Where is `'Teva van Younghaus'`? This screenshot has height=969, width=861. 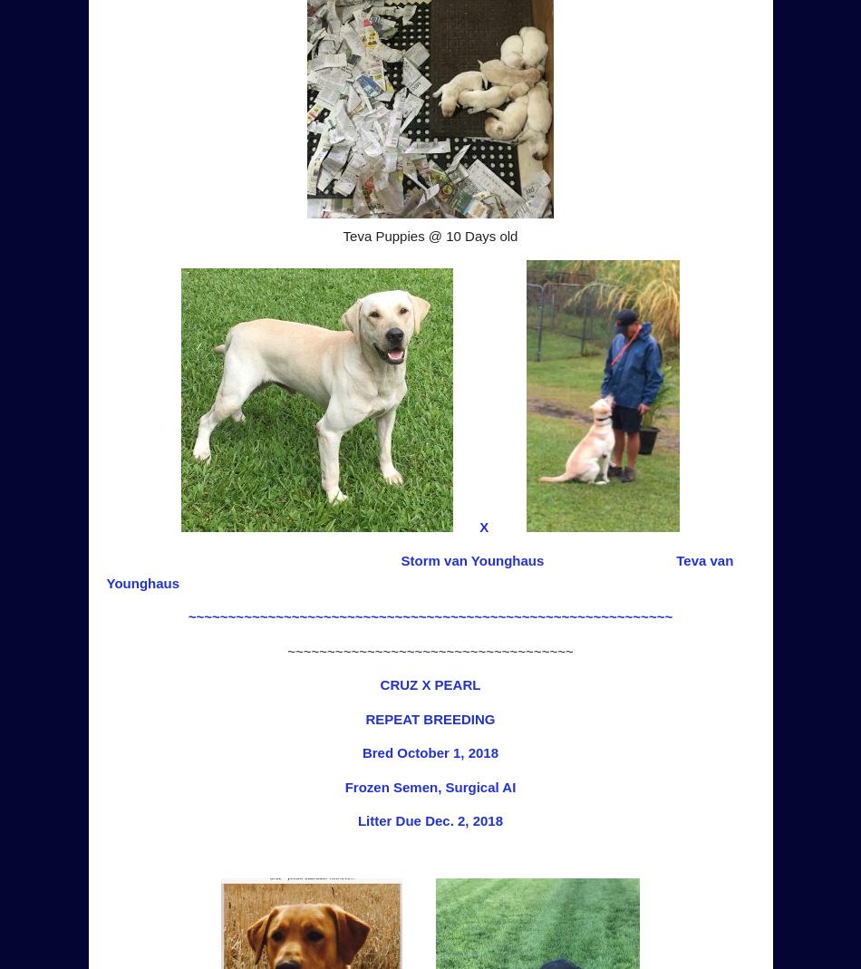
'Teva van Younghaus' is located at coordinates (419, 571).